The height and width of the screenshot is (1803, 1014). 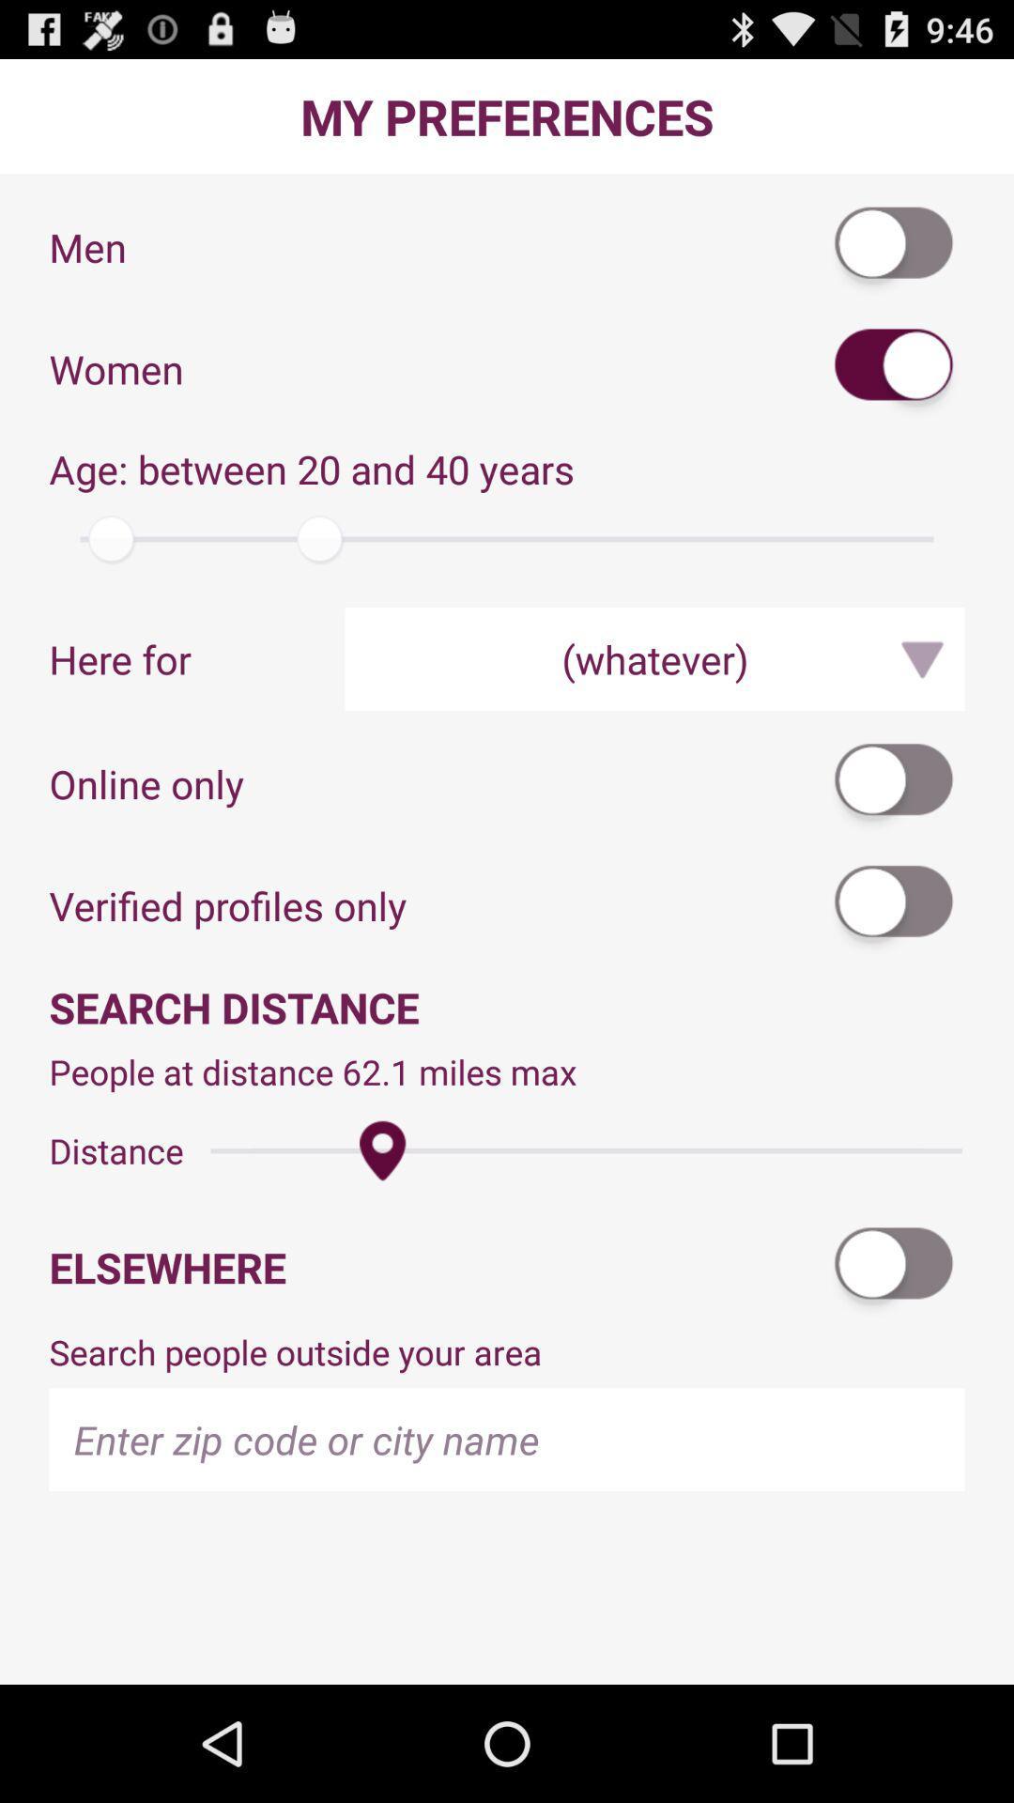 I want to click on the icon next to elsewhere icon, so click(x=894, y=1267).